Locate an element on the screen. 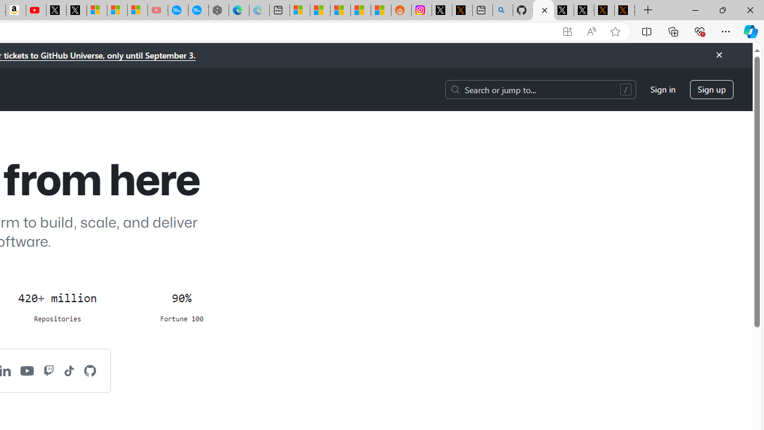 This screenshot has height=430, width=764. 'Gloom - YouTube - Sleeping' is located at coordinates (157, 10).